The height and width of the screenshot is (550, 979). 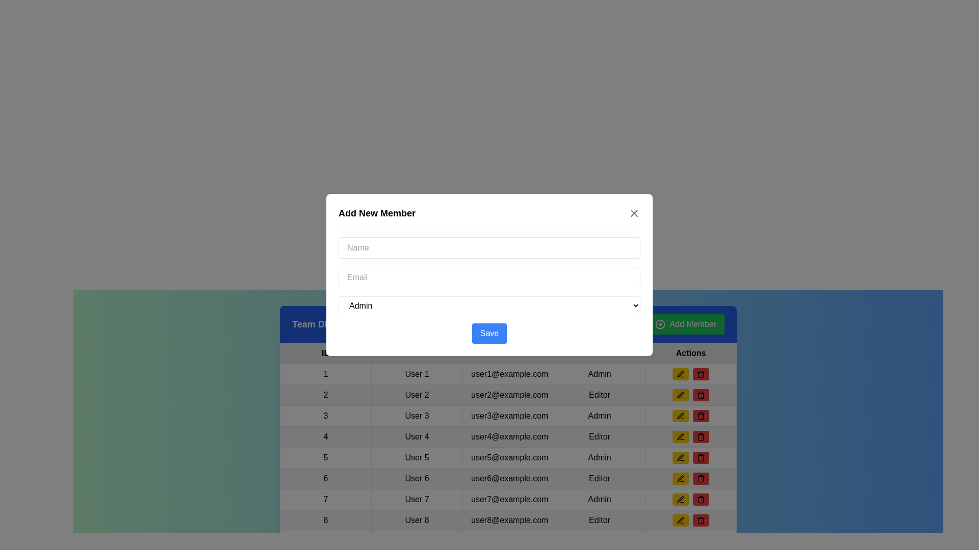 What do you see at coordinates (417, 499) in the screenshot?
I see `the table cell displaying the name 'User 7', which is located in the second column of the seventh row of the table` at bounding box center [417, 499].